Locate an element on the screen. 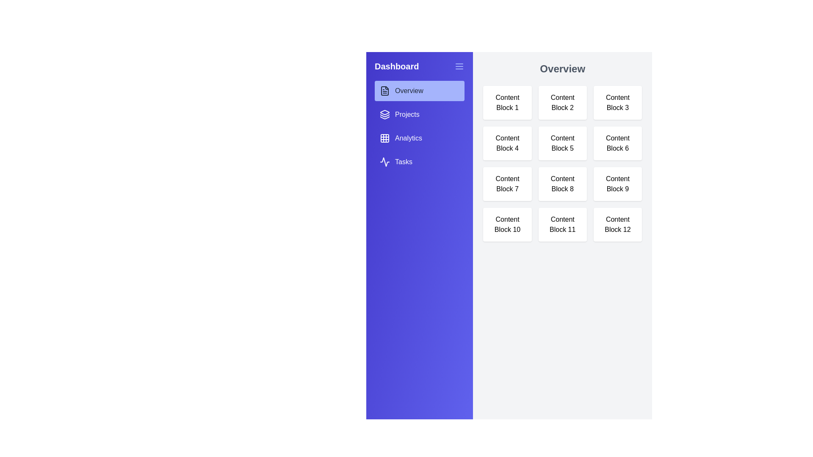 The width and height of the screenshot is (813, 457). the toggle button in the sidebar header to toggle the visibility of the sidebar menu is located at coordinates (459, 66).